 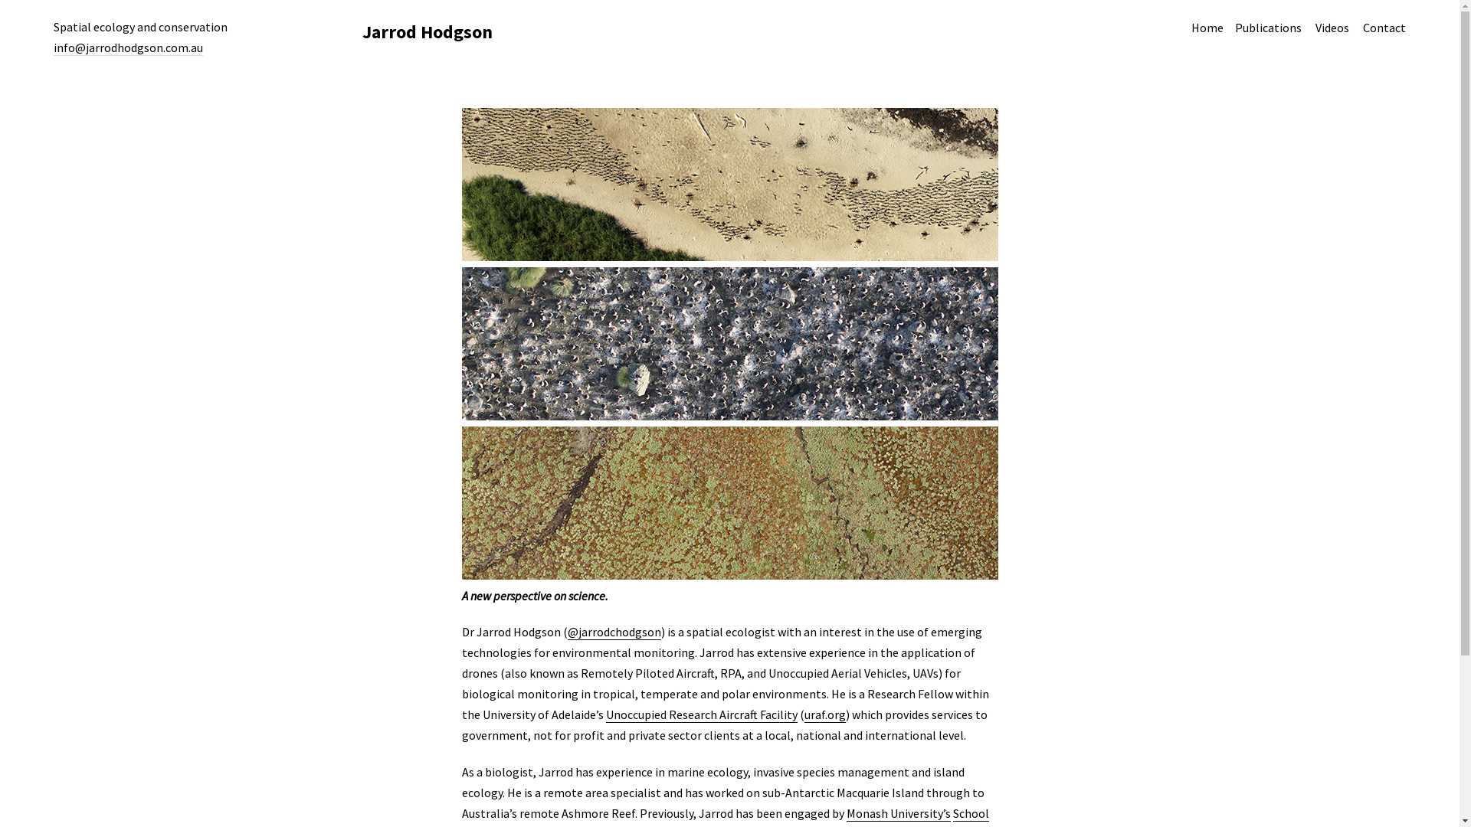 What do you see at coordinates (1384, 28) in the screenshot?
I see `'Contact'` at bounding box center [1384, 28].